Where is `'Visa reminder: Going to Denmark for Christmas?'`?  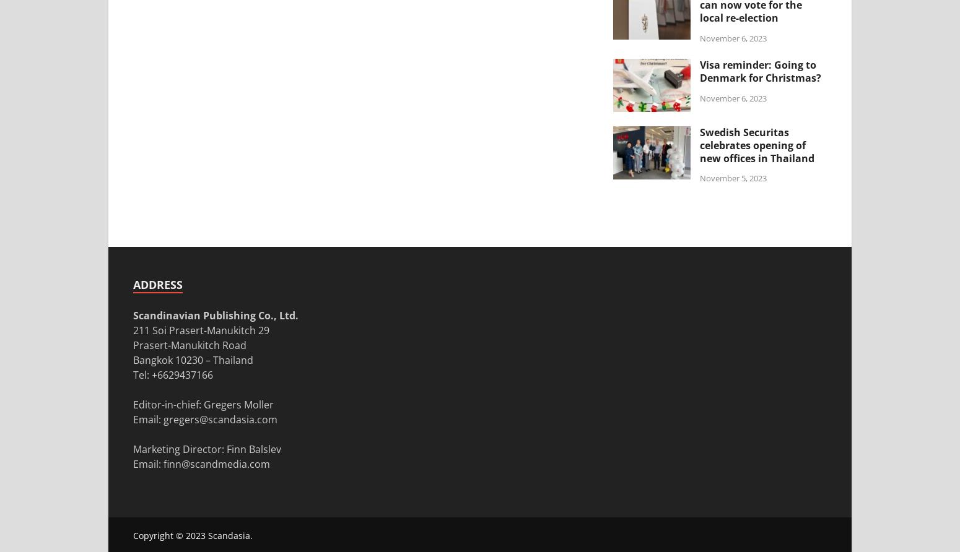
'Visa reminder: Going to Denmark for Christmas?' is located at coordinates (761, 70).